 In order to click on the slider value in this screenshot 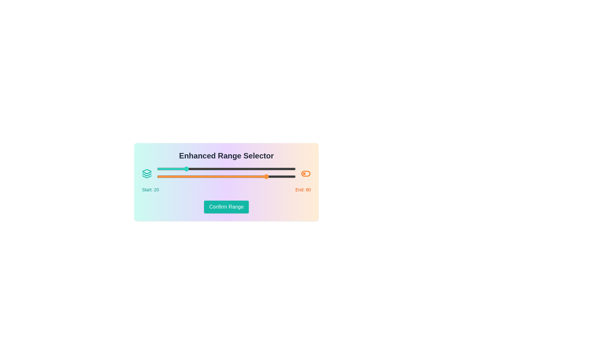, I will do `click(161, 176)`.